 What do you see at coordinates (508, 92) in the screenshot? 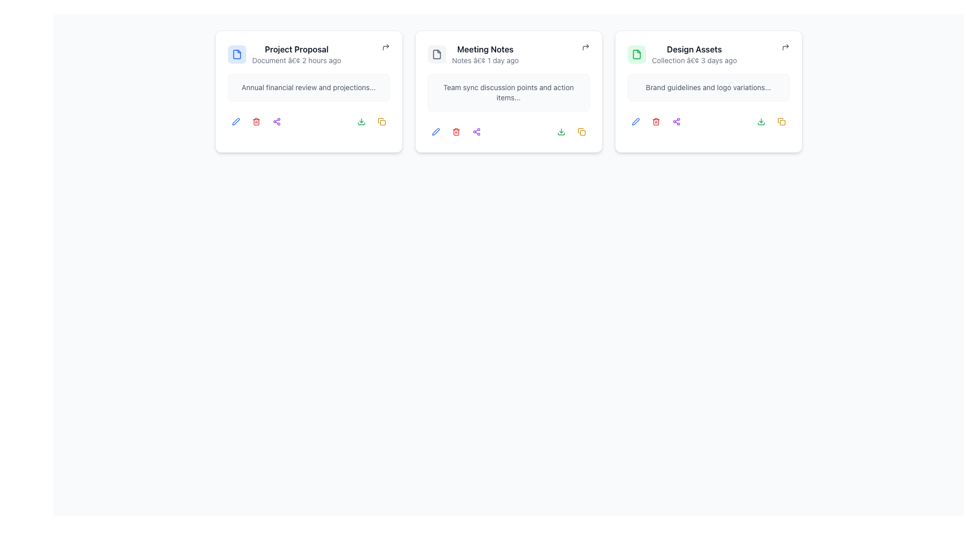
I see `the text element displaying 'Team sync discussion points and action items...' located within the central card beneath the title 'Meeting Notes'` at bounding box center [508, 92].